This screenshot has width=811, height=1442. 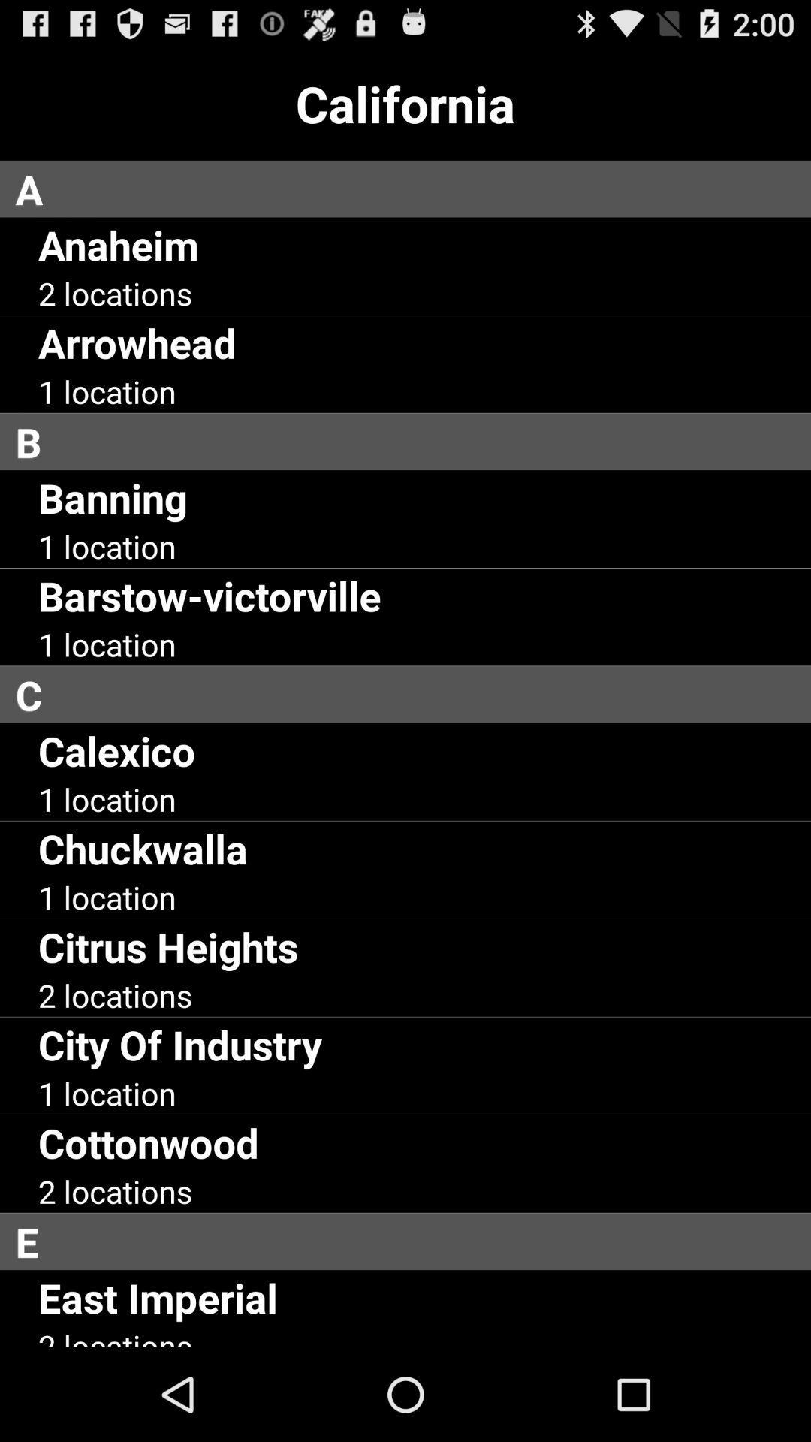 I want to click on the city of industry icon, so click(x=179, y=1043).